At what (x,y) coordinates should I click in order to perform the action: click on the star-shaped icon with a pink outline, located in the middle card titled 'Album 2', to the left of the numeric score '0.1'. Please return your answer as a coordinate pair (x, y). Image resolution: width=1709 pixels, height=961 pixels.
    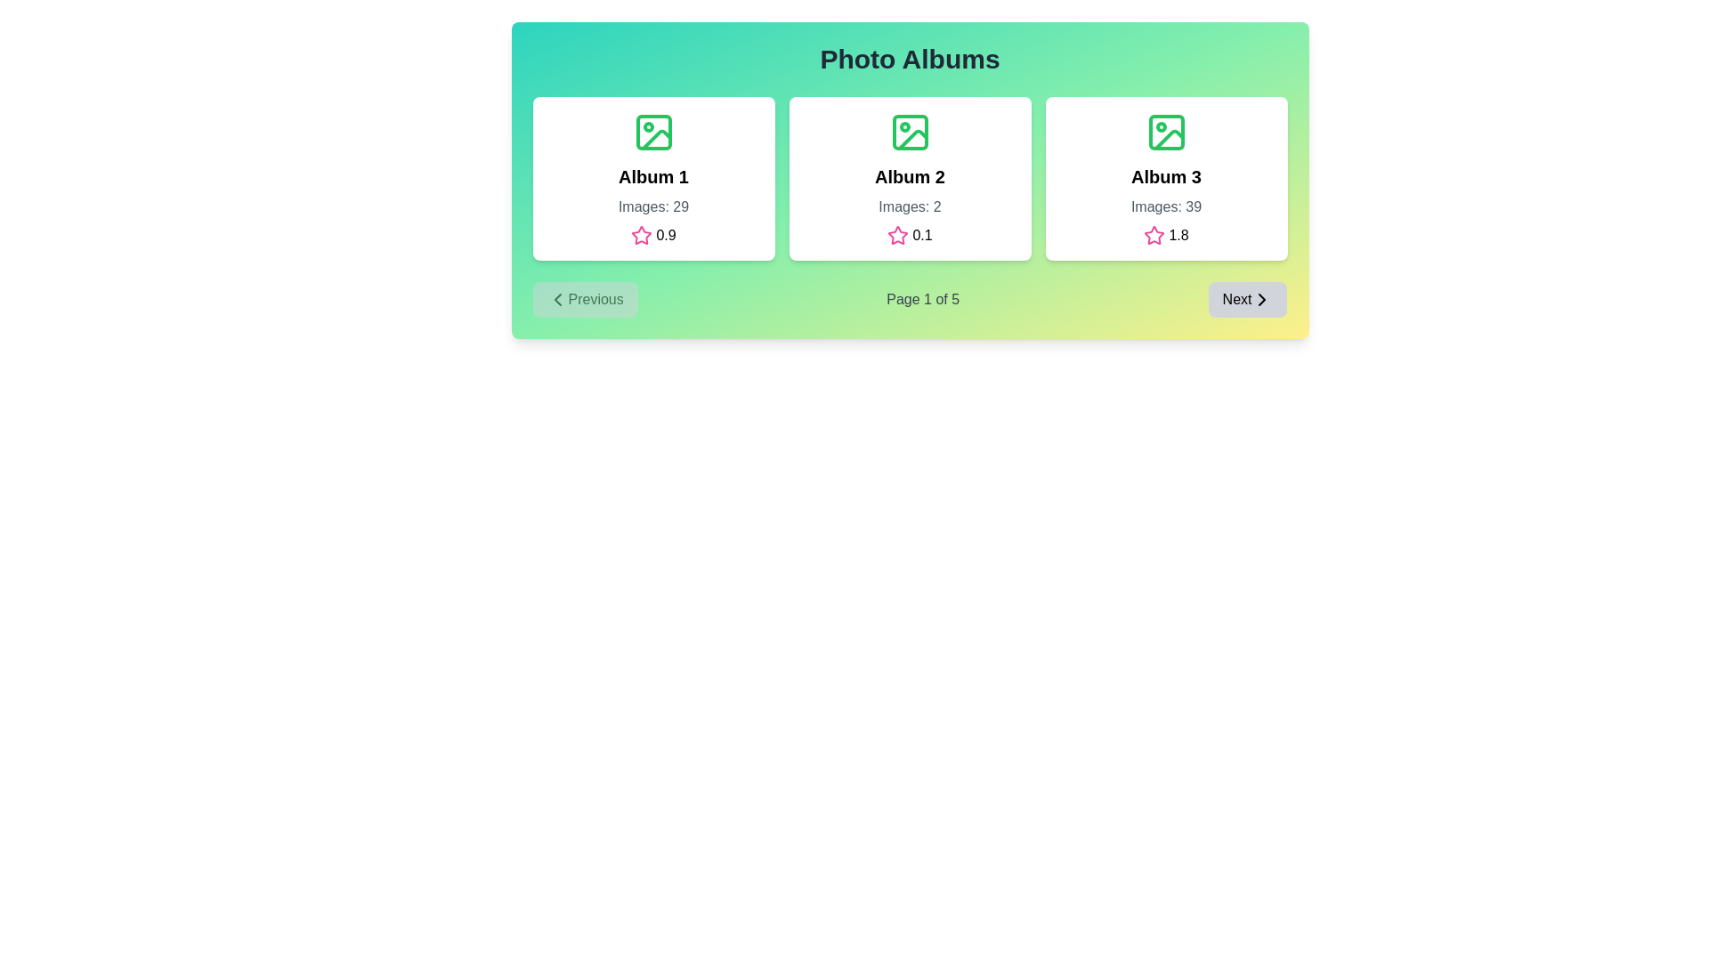
    Looking at the image, I should click on (898, 235).